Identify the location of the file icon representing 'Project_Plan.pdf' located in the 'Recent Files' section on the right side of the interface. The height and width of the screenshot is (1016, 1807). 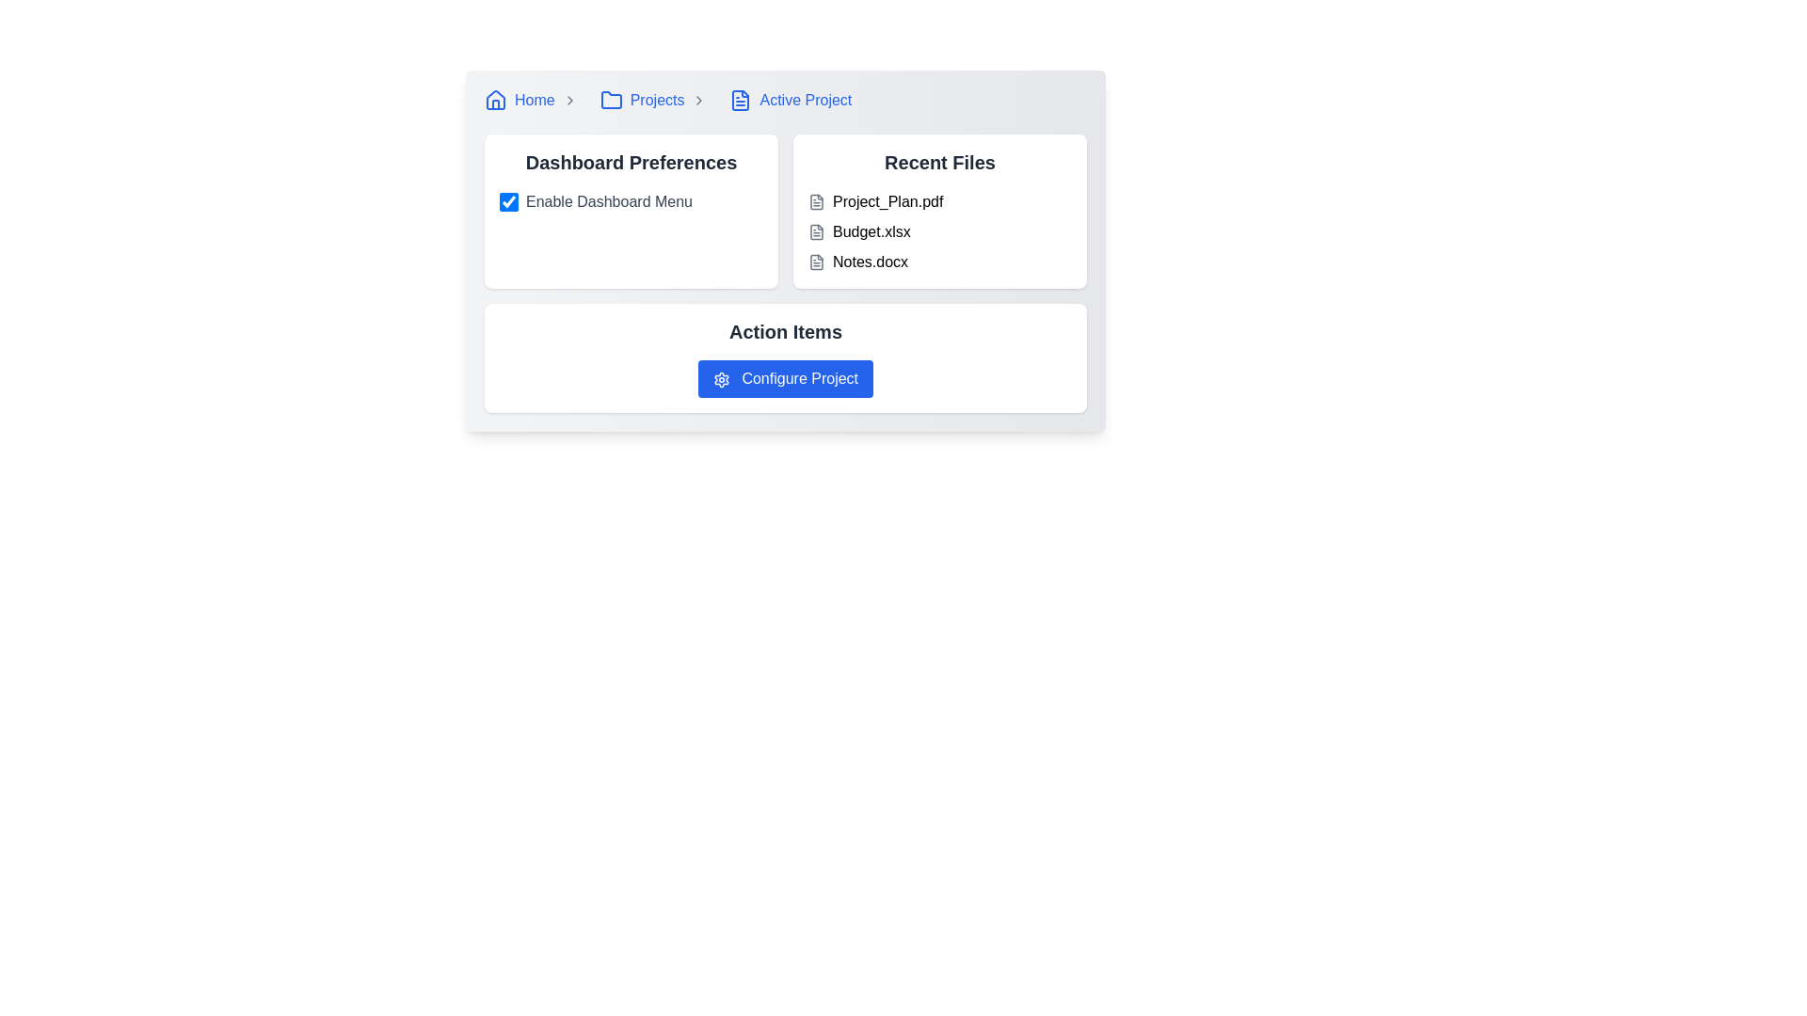
(817, 202).